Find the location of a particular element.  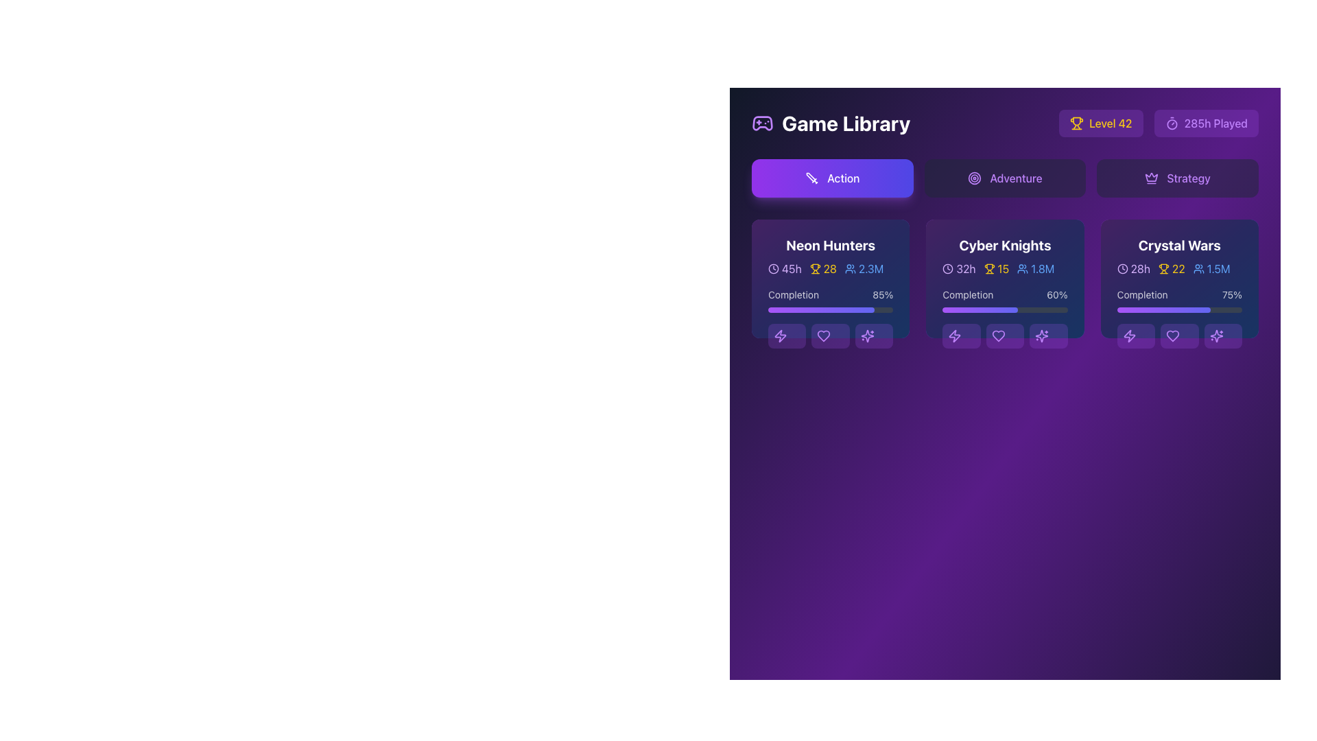

the leftmost button in the row of three buttons at the bottom of the 'Crystal Wars' card is located at coordinates (1136, 336).